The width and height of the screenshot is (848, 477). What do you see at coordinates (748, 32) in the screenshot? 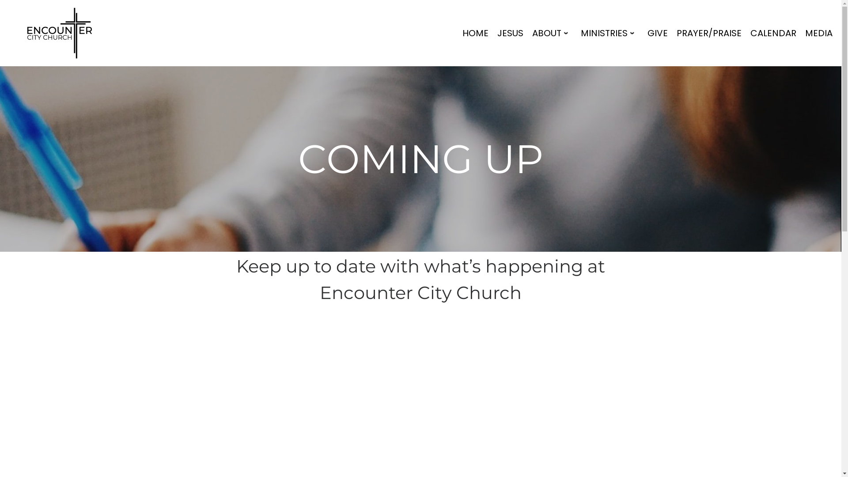
I see `'CALENDAR'` at bounding box center [748, 32].